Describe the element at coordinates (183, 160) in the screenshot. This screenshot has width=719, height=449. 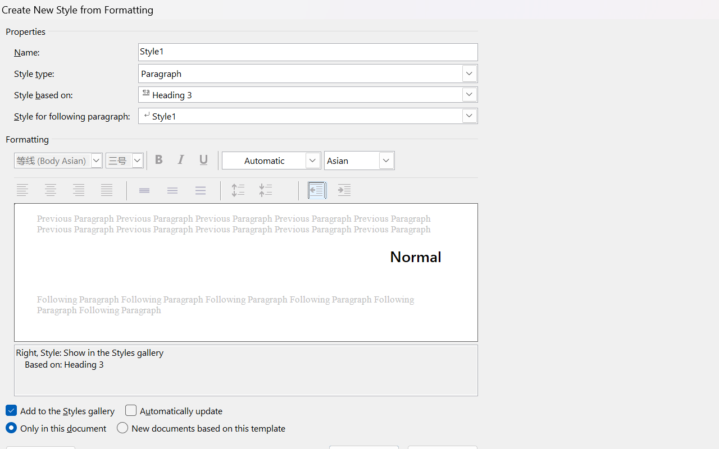
I see `'Italic'` at that location.